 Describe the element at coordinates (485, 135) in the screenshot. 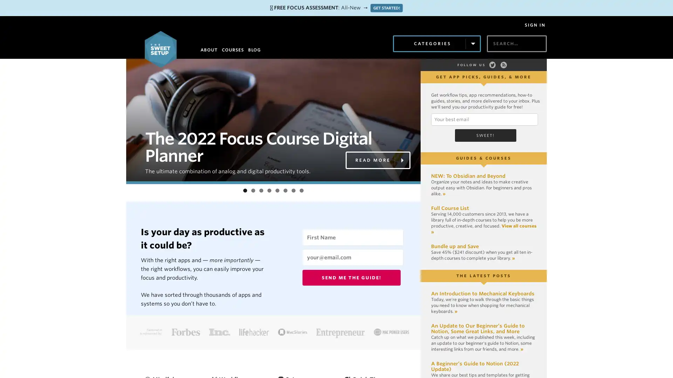

I see `Sweet!` at that location.